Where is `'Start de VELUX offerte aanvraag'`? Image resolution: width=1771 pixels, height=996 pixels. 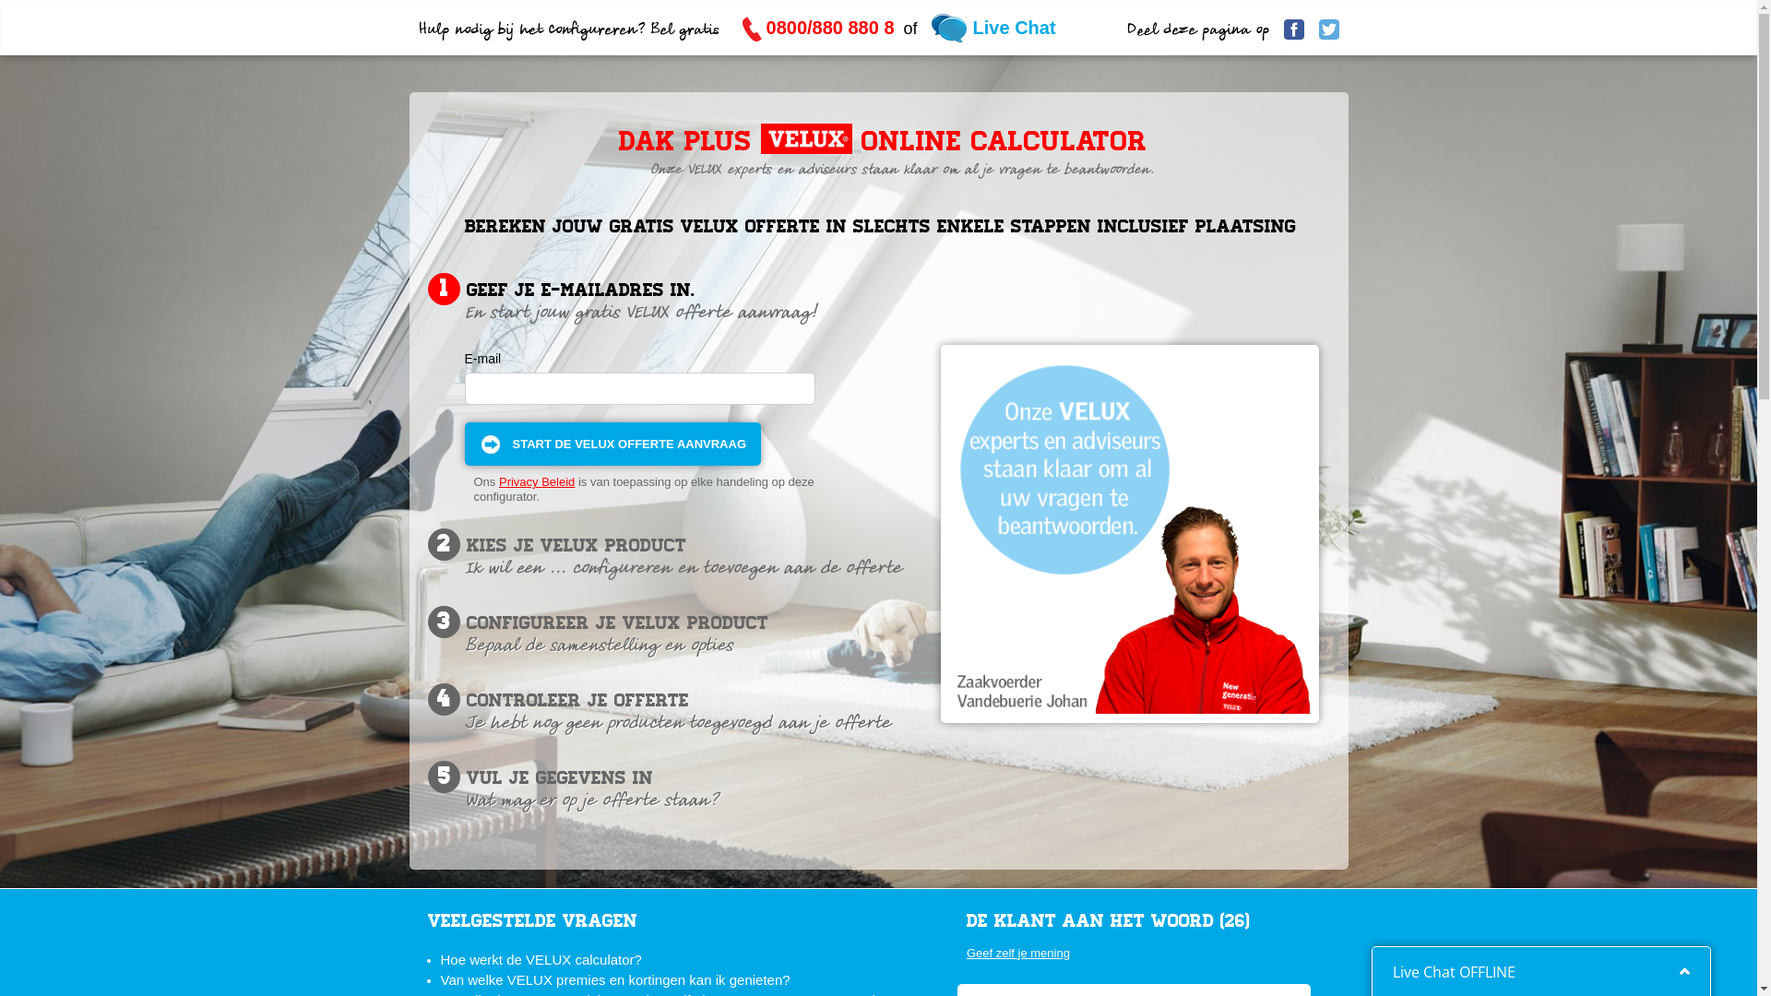 'Start de VELUX offerte aanvraag' is located at coordinates (613, 444).